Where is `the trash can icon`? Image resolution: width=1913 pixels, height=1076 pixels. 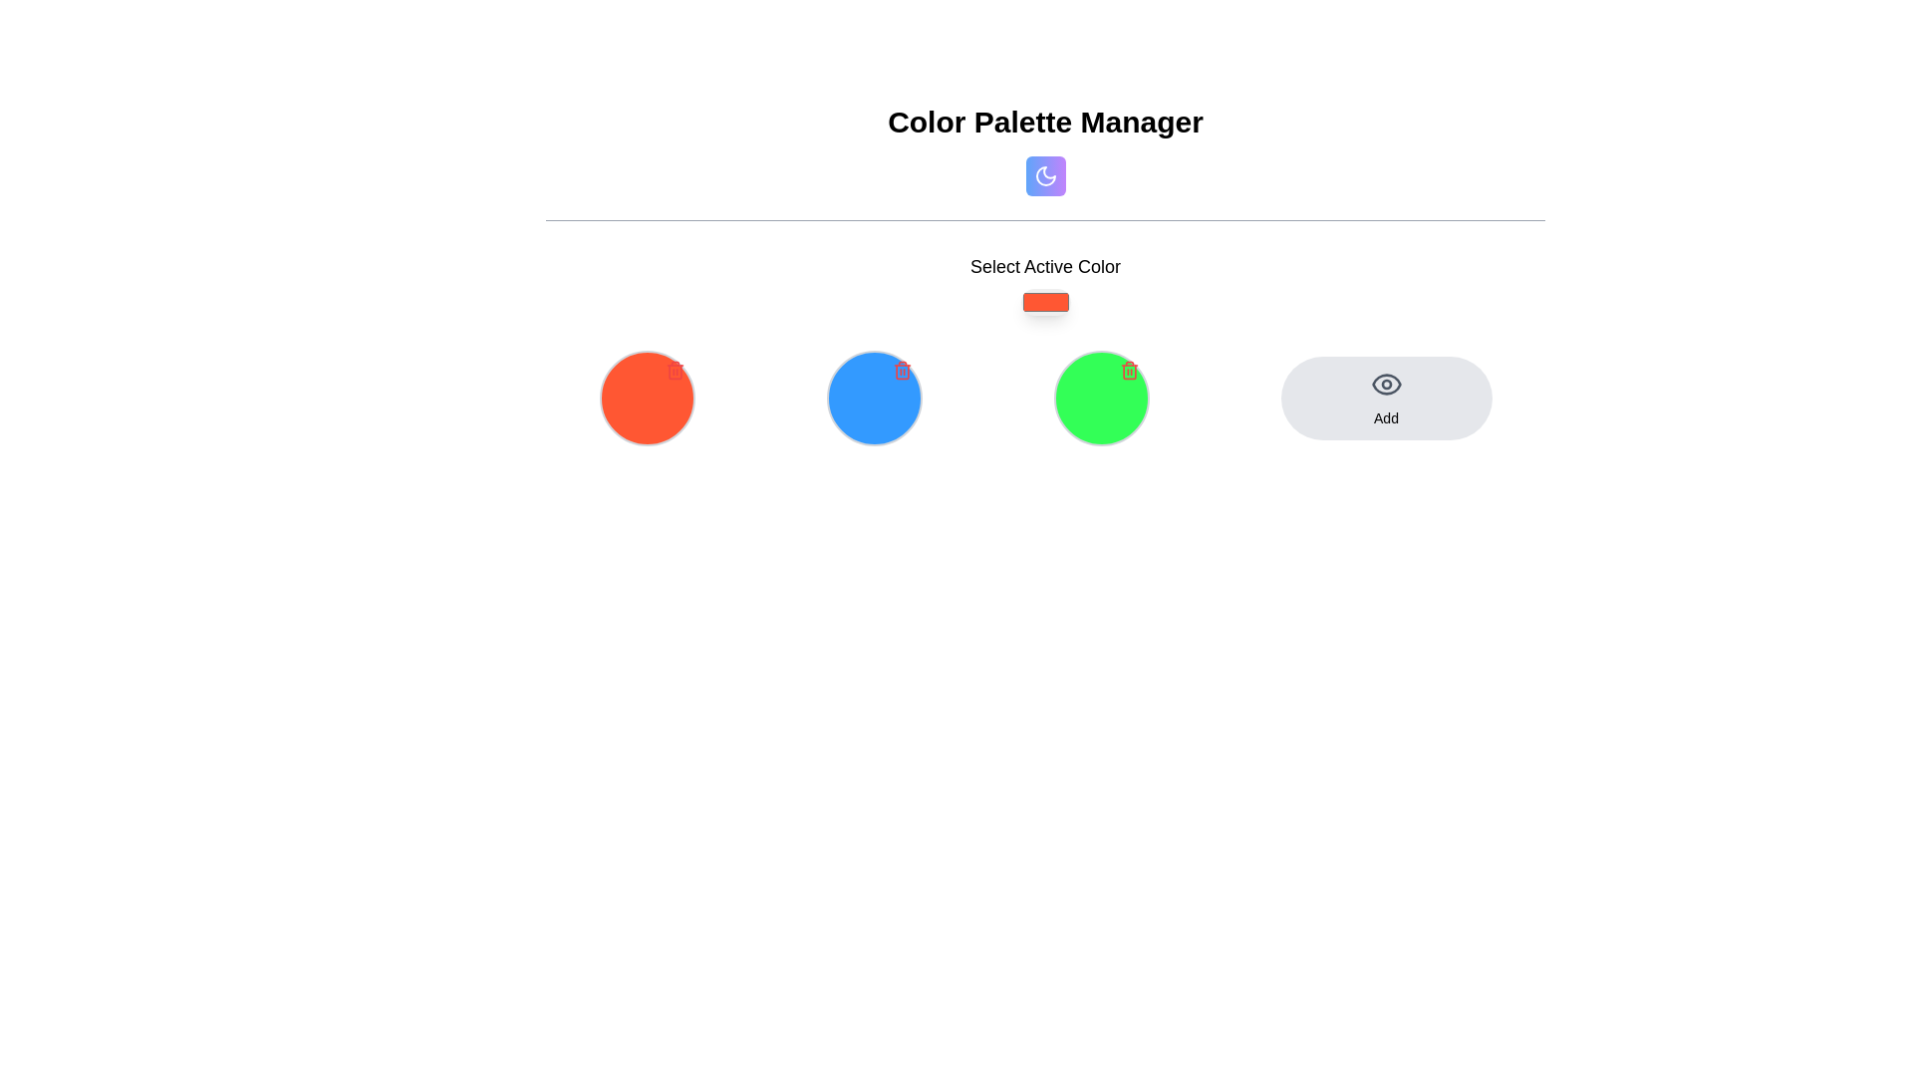 the trash can icon is located at coordinates (901, 370).